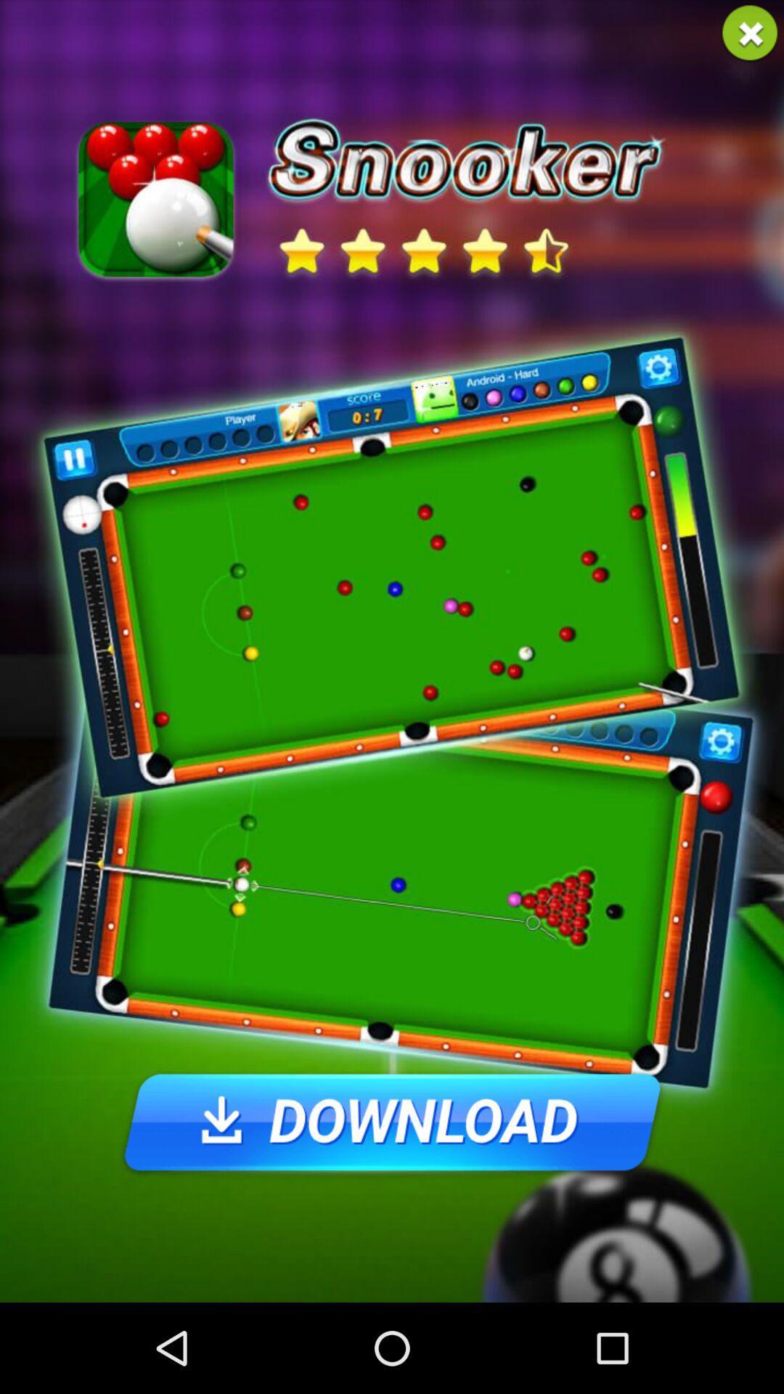  Describe the element at coordinates (750, 33) in the screenshot. I see `the banner` at that location.